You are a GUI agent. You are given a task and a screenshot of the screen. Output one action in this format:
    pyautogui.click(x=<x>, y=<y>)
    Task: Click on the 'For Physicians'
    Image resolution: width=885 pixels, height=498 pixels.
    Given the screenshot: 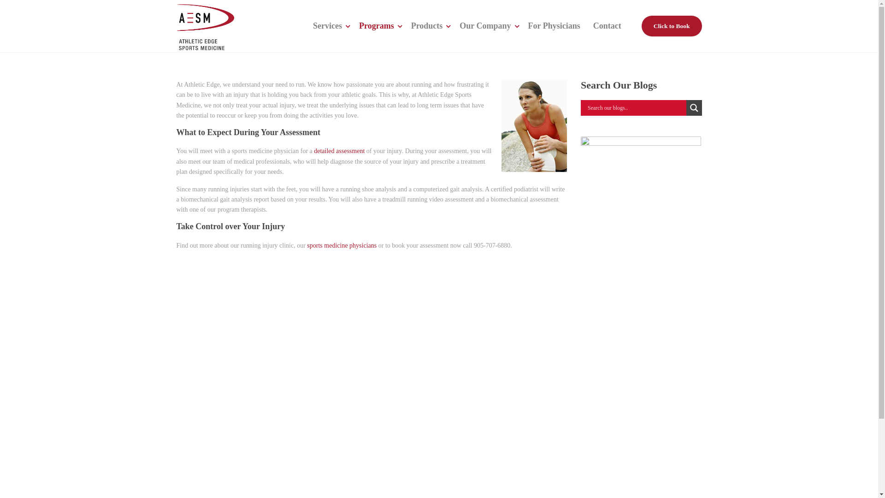 What is the action you would take?
    pyautogui.click(x=554, y=25)
    